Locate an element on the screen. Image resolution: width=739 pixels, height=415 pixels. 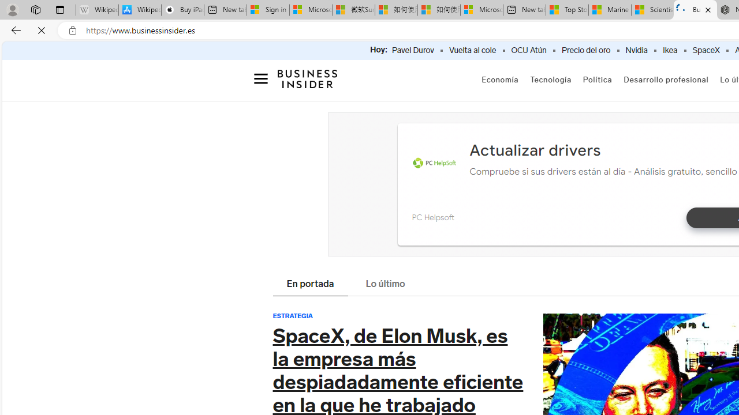
'Vuelta al cole' is located at coordinates (472, 50).